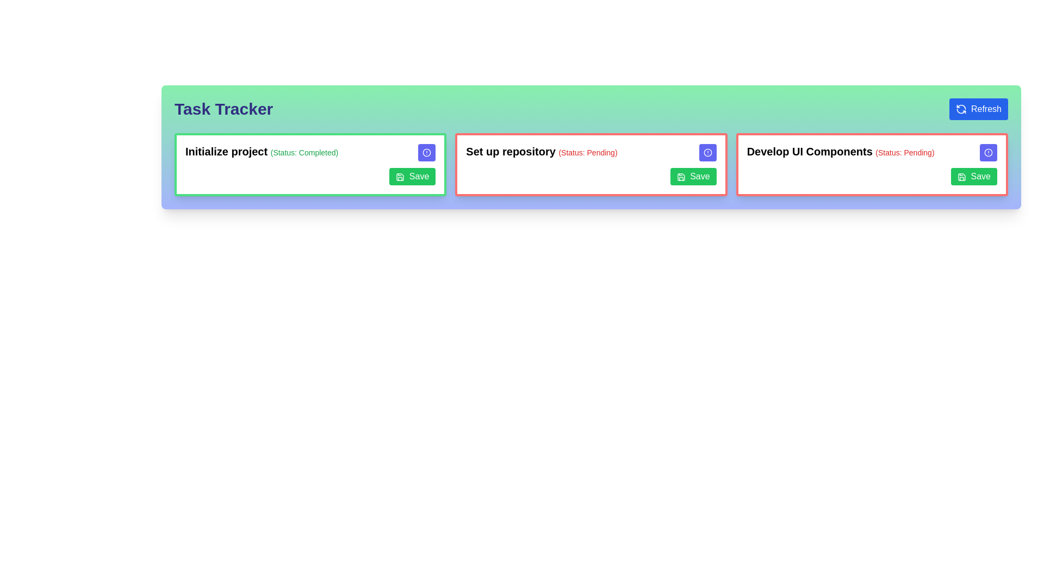  I want to click on the text displayed in the label that shows the title of the task and its current status (Pending) located in the upper-middle portion of the second card from the left, so click(591, 153).